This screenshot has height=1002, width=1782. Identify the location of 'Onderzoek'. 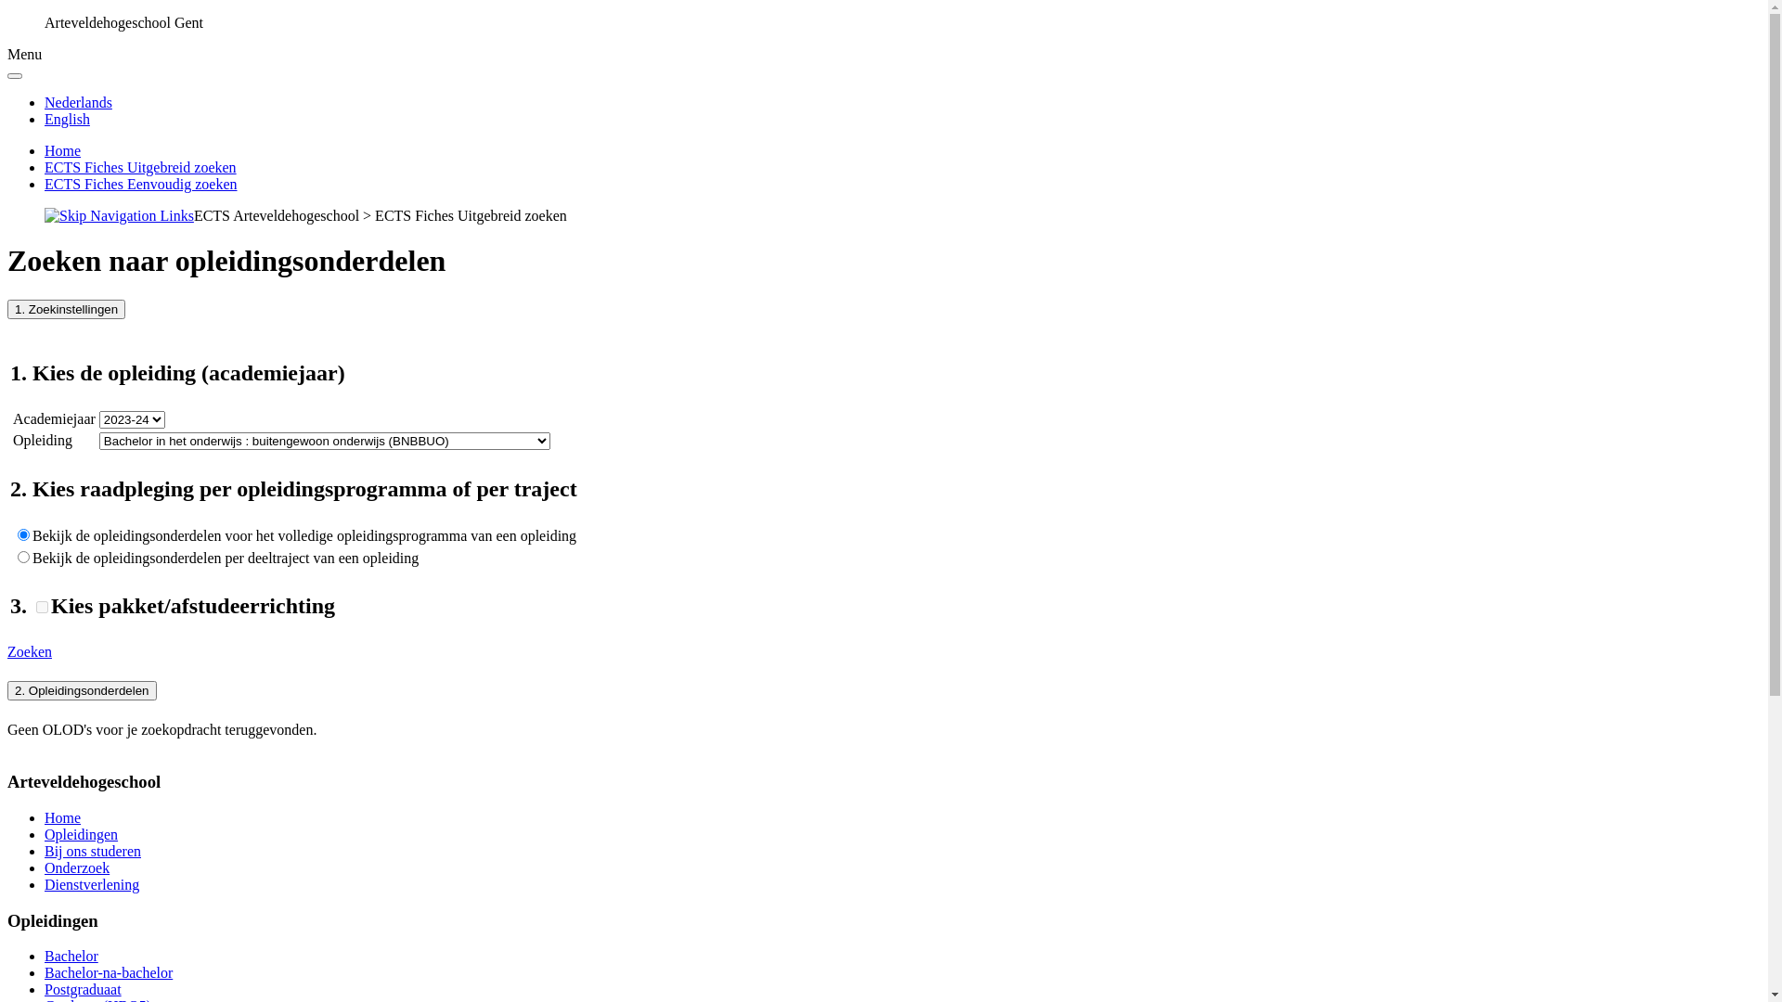
(75, 867).